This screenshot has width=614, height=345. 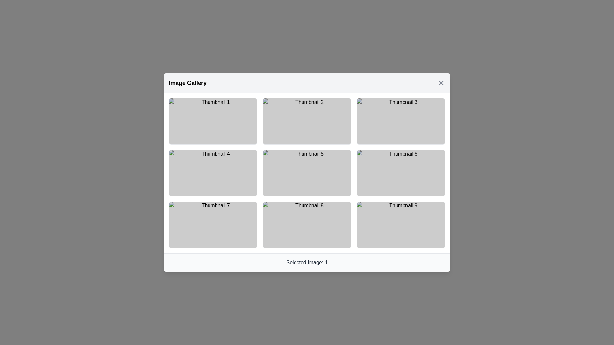 What do you see at coordinates (213, 121) in the screenshot?
I see `the clickable thumbnail labeled 'Thumbnail 1' located at the top-center of the rectangle` at bounding box center [213, 121].